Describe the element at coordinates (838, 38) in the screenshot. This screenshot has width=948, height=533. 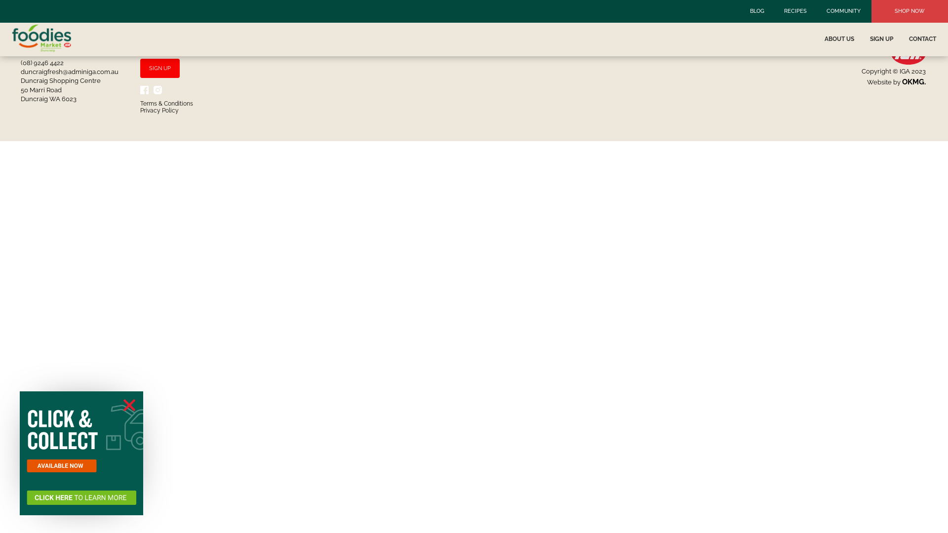
I see `'ABOUT US'` at that location.